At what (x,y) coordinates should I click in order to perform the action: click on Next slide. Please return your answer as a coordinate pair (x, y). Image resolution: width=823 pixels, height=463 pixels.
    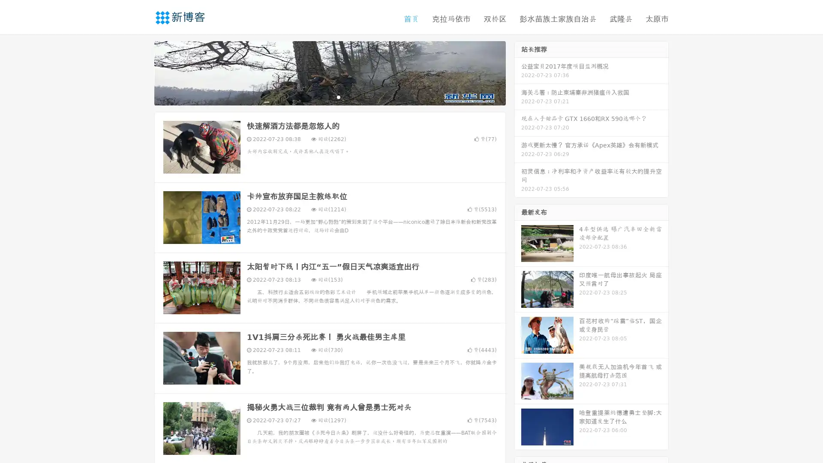
    Looking at the image, I should click on (518, 72).